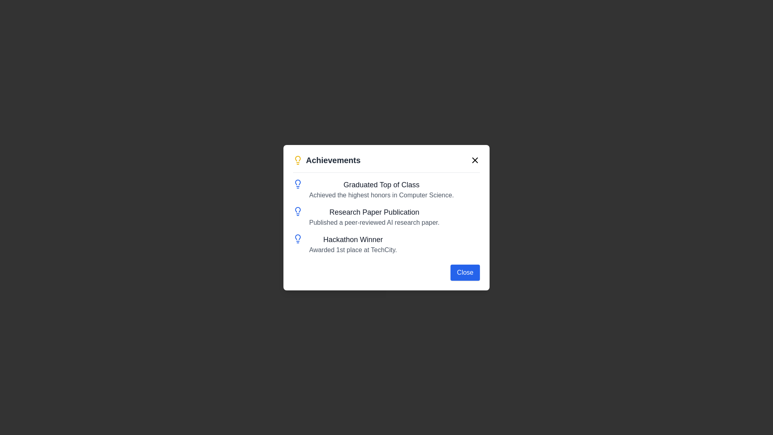 The image size is (773, 435). I want to click on the blue lightbulb icon associated with the 'Hackathon Winner' achievement, which is the third item in the list of achievements, so click(386, 244).